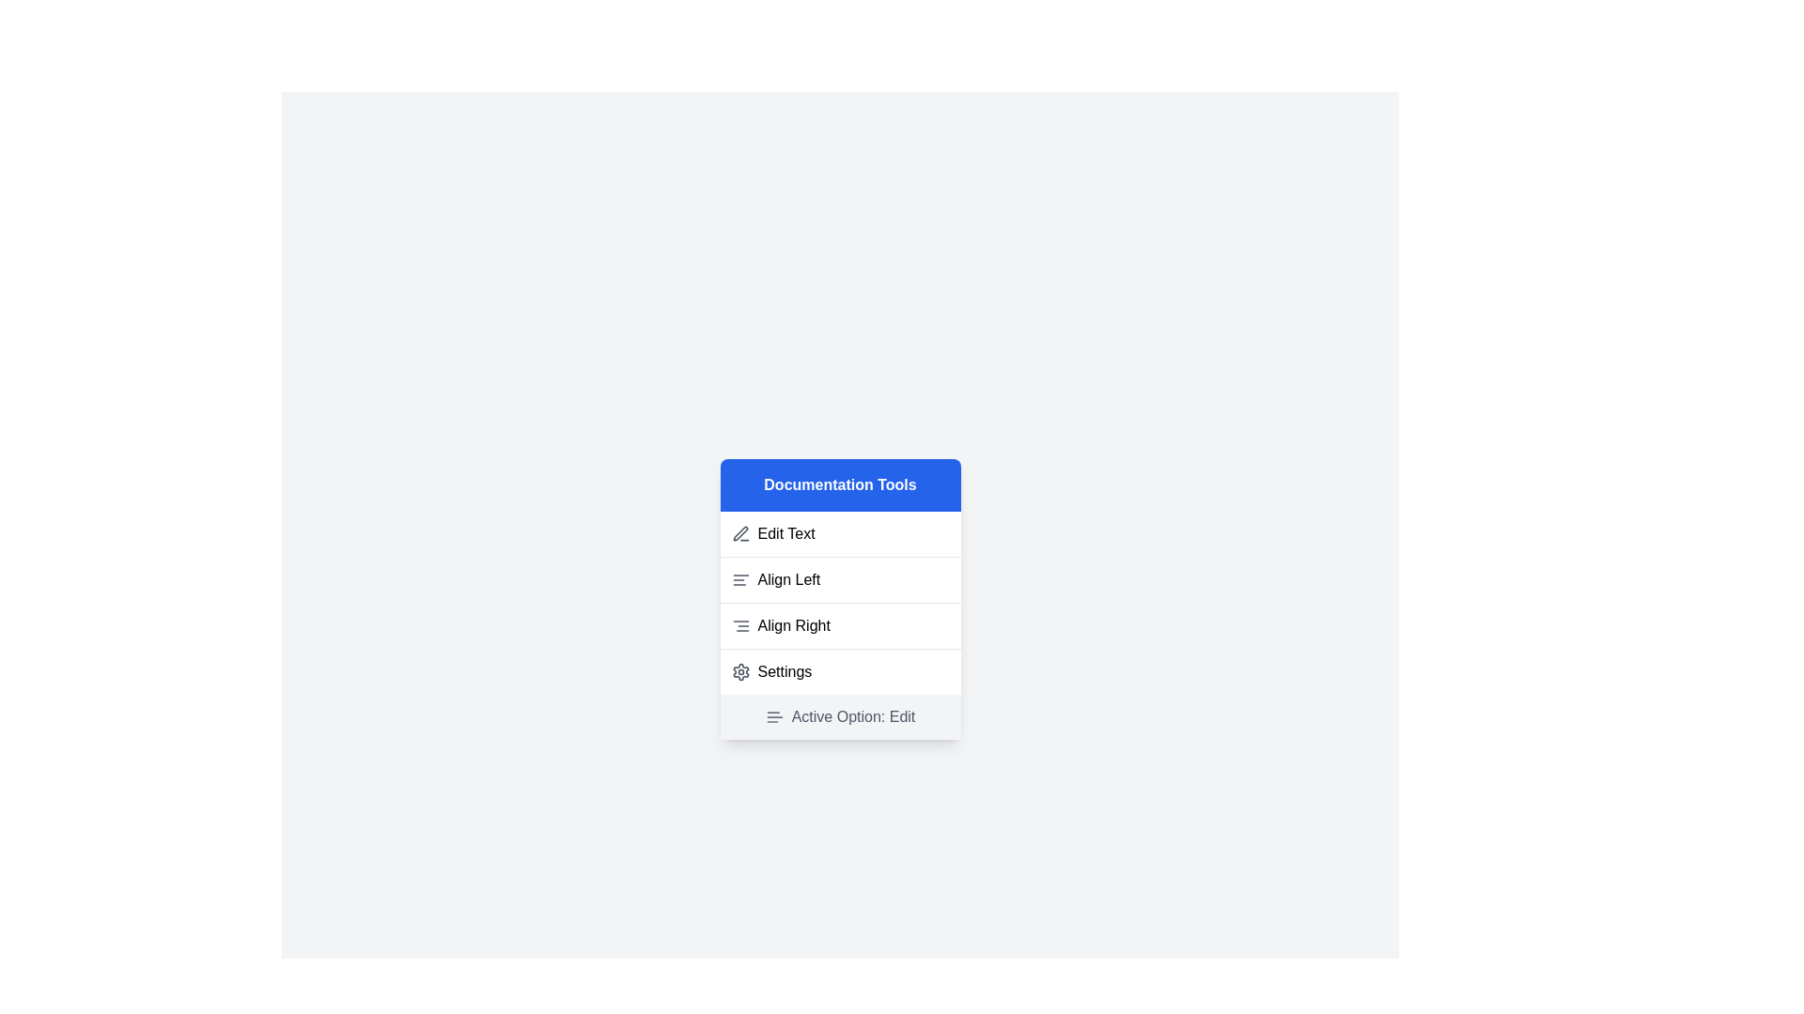 The height and width of the screenshot is (1014, 1804). I want to click on the menu option Settings to select it, so click(839, 669).